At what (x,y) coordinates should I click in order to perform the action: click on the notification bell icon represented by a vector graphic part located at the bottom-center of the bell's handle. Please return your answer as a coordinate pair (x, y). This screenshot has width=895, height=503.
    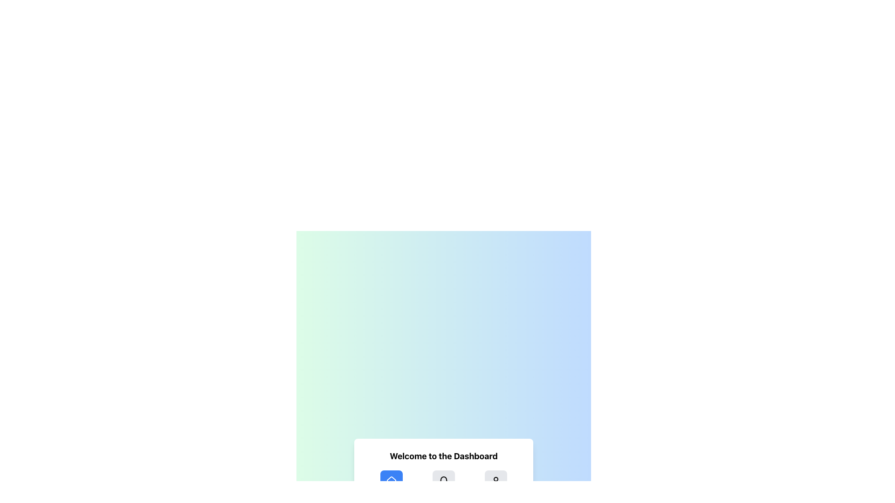
    Looking at the image, I should click on (443, 480).